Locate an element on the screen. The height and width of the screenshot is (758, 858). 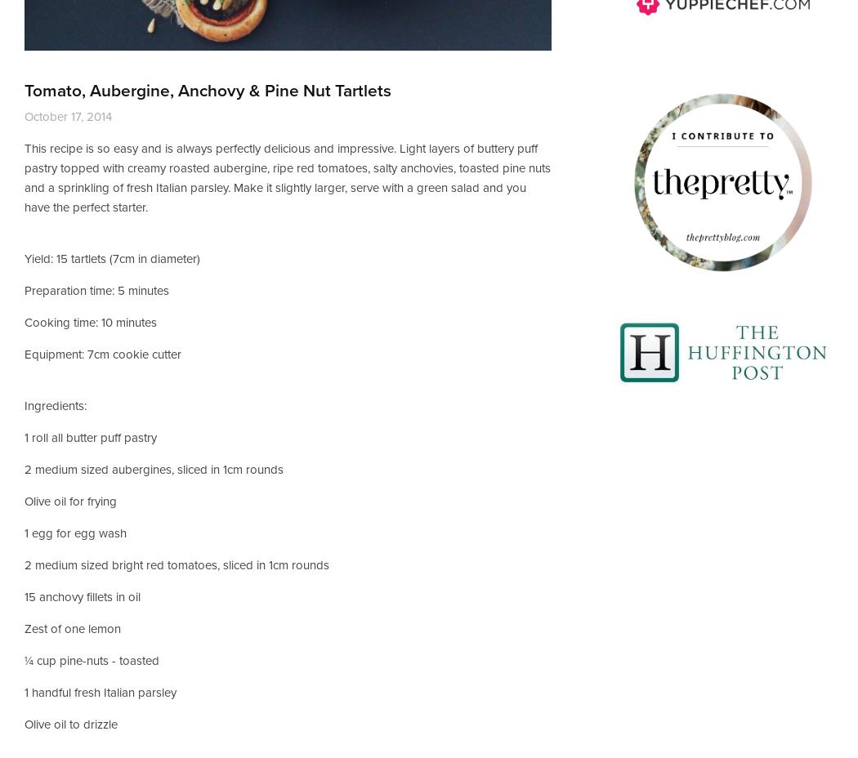
'2 medium sized bright red tomatoes, sliced in 1cm rounds' is located at coordinates (176, 564).